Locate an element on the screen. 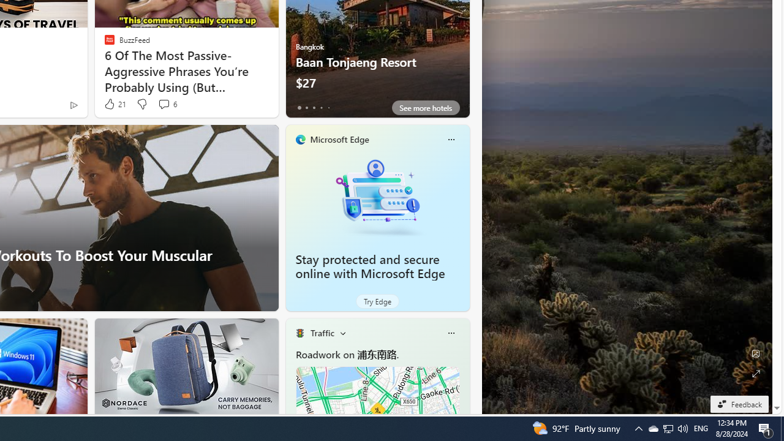 The image size is (784, 441). 'Dislike' is located at coordinates (141, 104).